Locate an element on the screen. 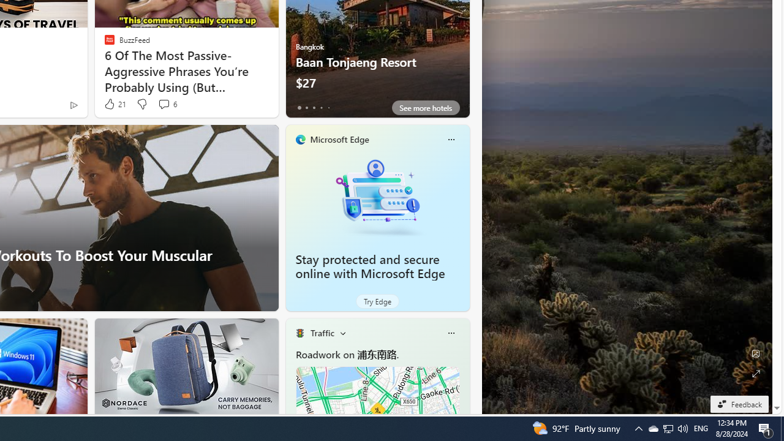 The image size is (784, 441). 'Dislike' is located at coordinates (141, 104).